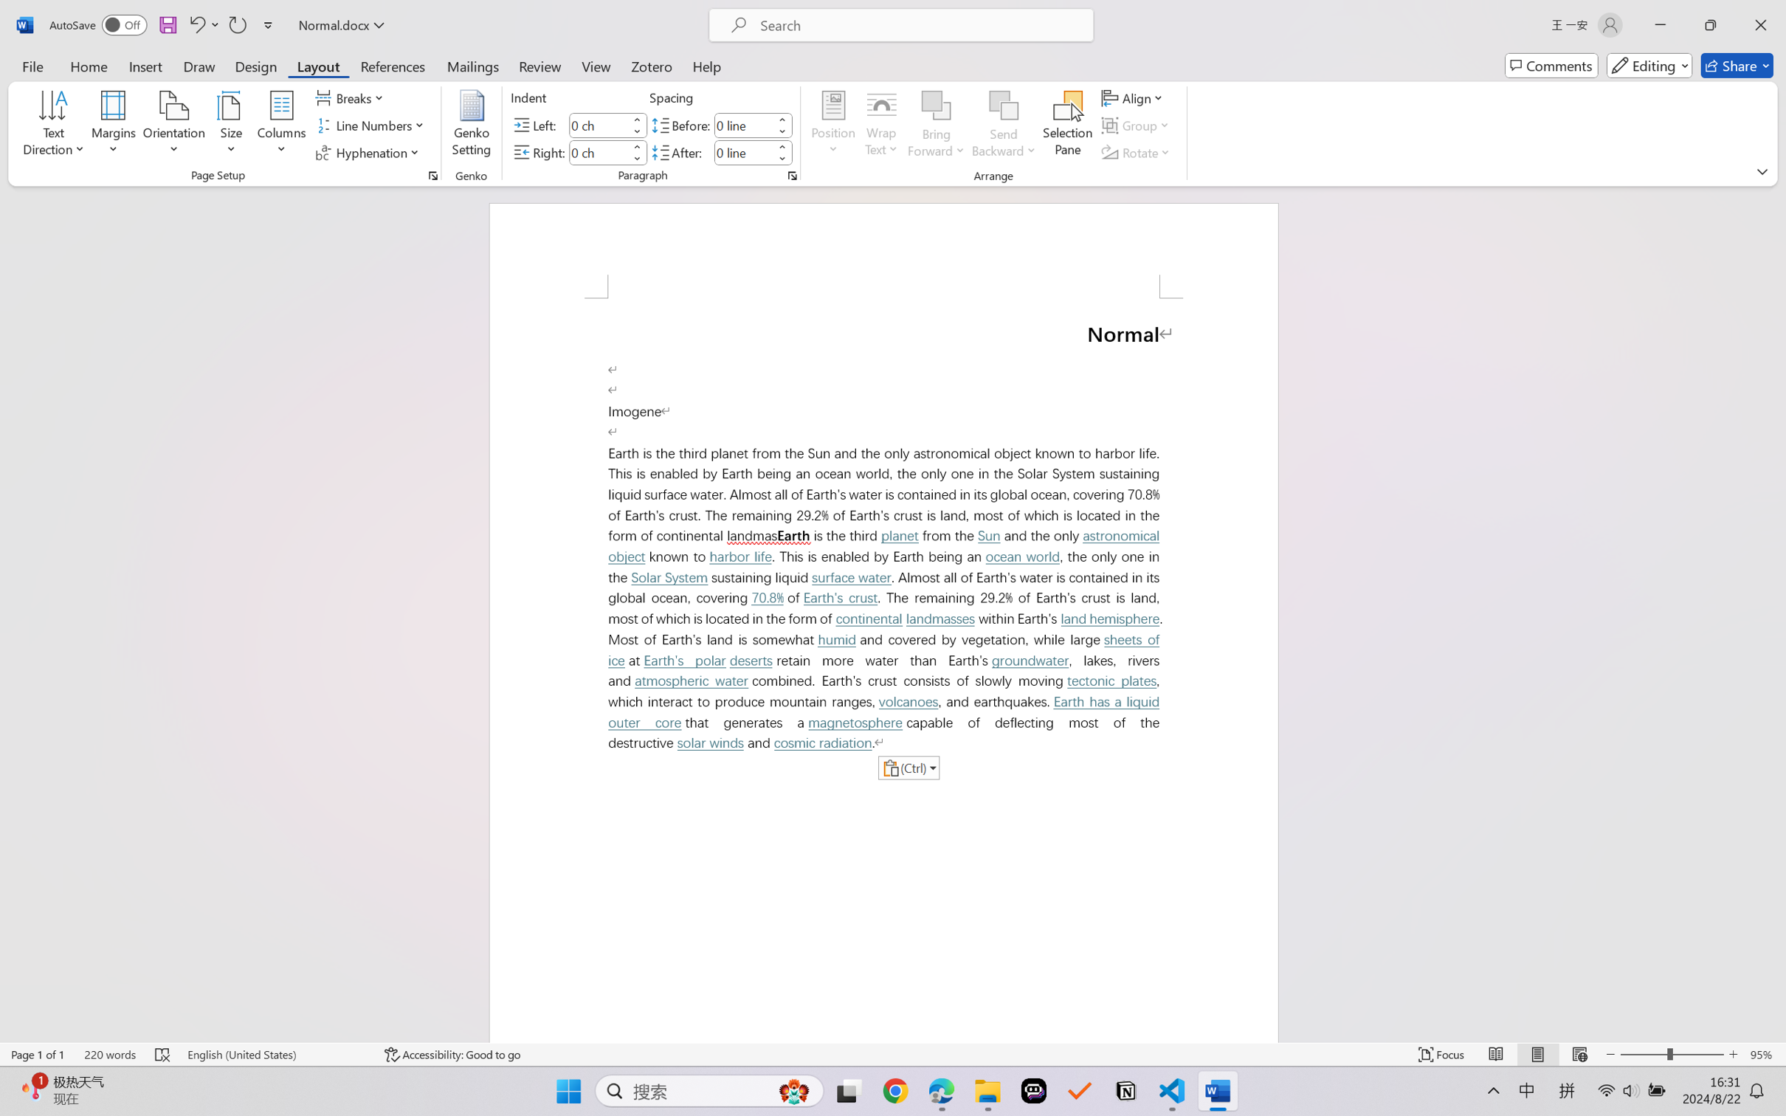 This screenshot has height=1116, width=1786. Describe the element at coordinates (706, 65) in the screenshot. I see `'Help'` at that location.